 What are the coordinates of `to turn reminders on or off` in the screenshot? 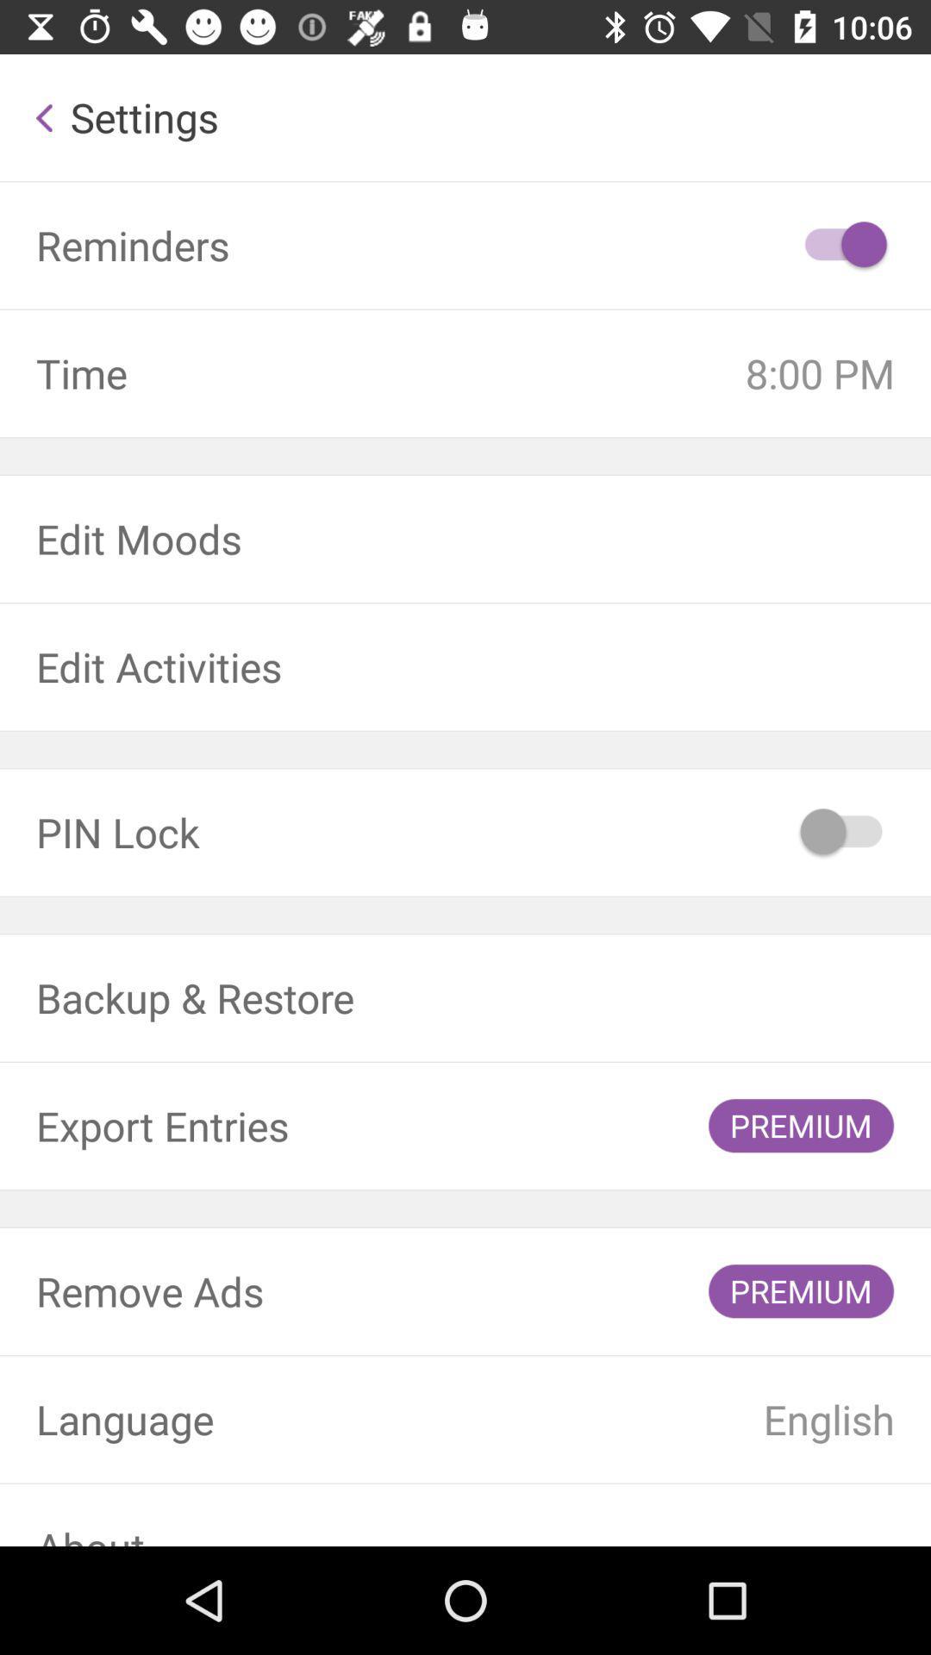 It's located at (842, 244).